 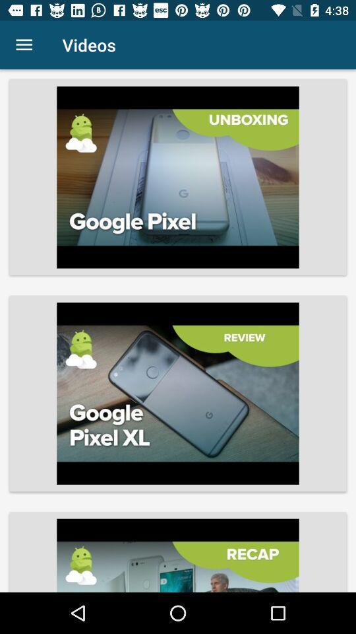 I want to click on the icon to the left of videos item, so click(x=24, y=45).